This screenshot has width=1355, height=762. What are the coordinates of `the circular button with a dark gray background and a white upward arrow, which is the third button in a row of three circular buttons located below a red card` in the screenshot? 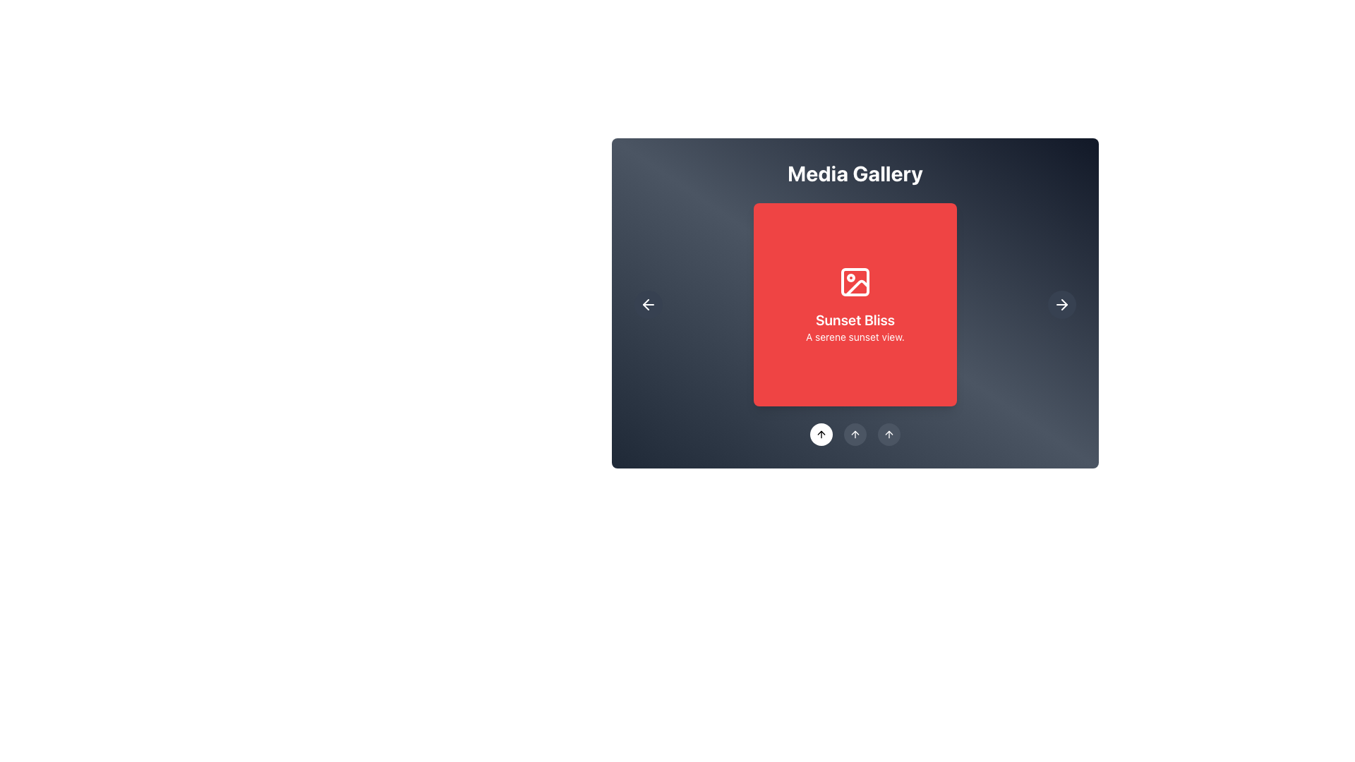 It's located at (888, 434).